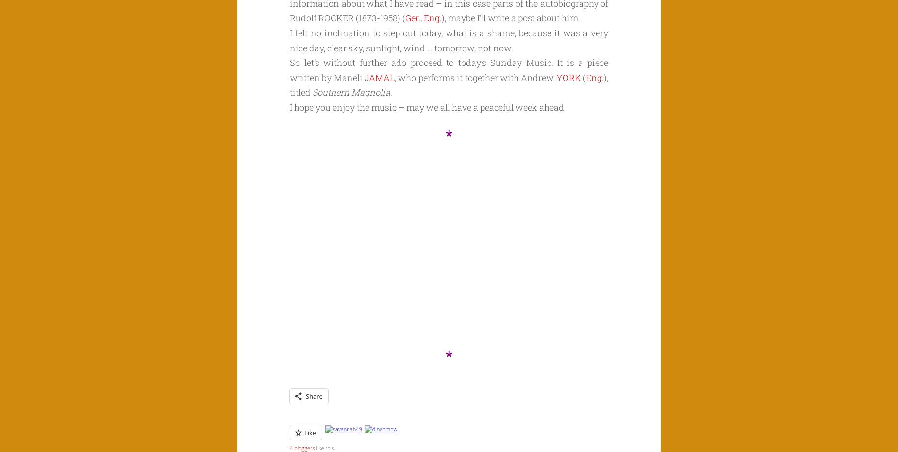 The height and width of the screenshot is (452, 898). What do you see at coordinates (475, 76) in the screenshot?
I see `', who performs it together with Andrew'` at bounding box center [475, 76].